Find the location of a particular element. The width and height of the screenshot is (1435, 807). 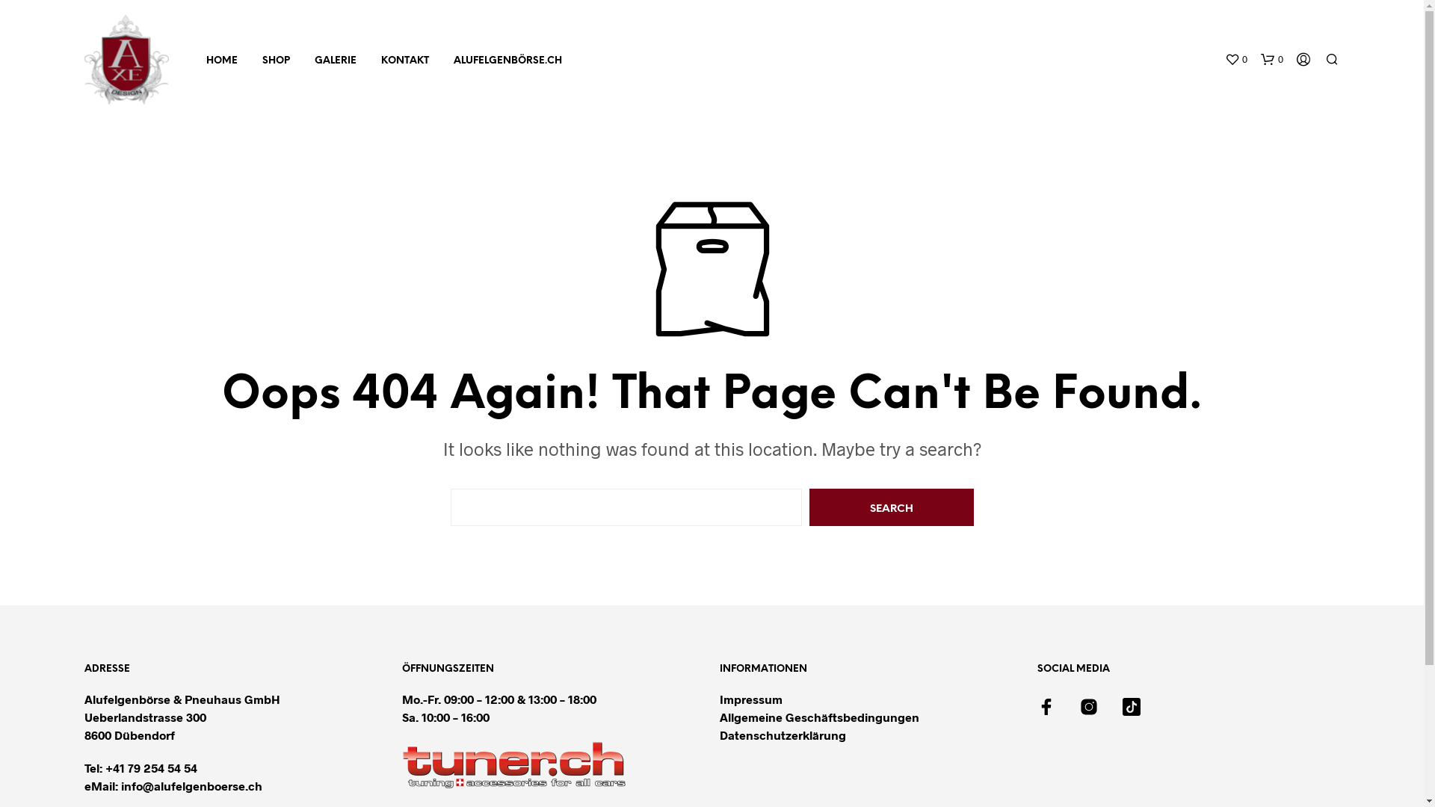

'info@alufelgenboerse.ch' is located at coordinates (191, 785).